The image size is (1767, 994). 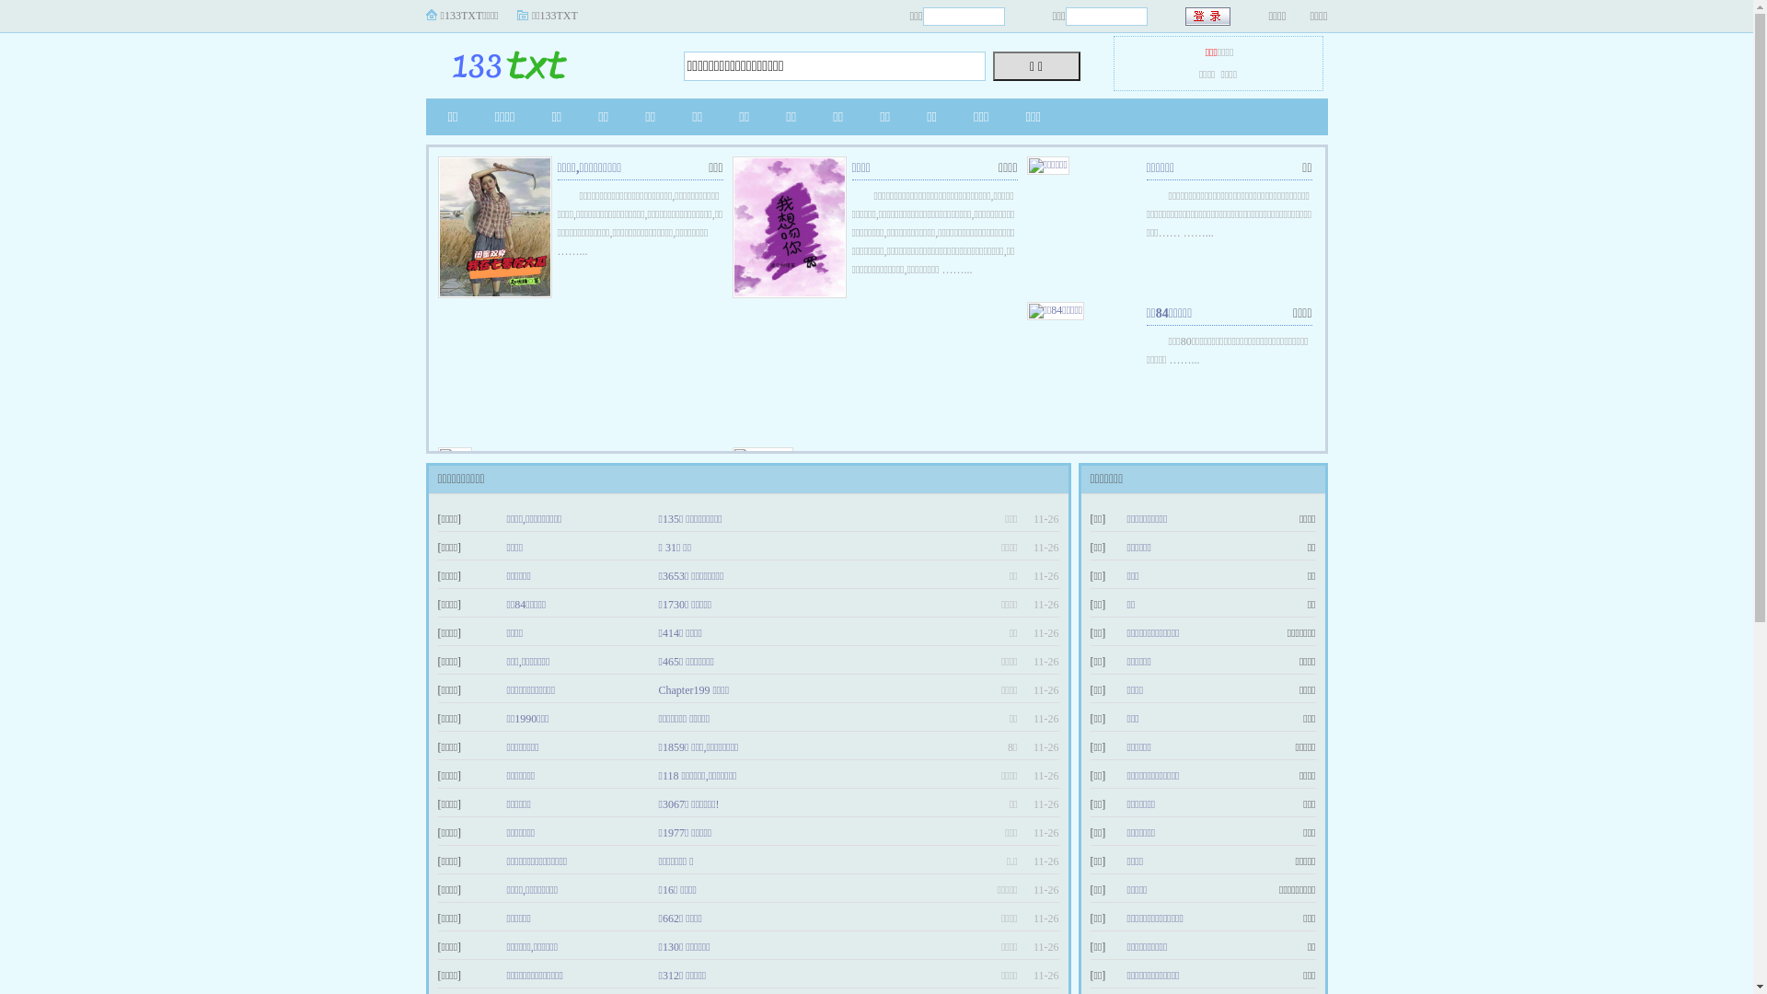 What do you see at coordinates (538, 59) in the screenshot?
I see `'133TXT'` at bounding box center [538, 59].